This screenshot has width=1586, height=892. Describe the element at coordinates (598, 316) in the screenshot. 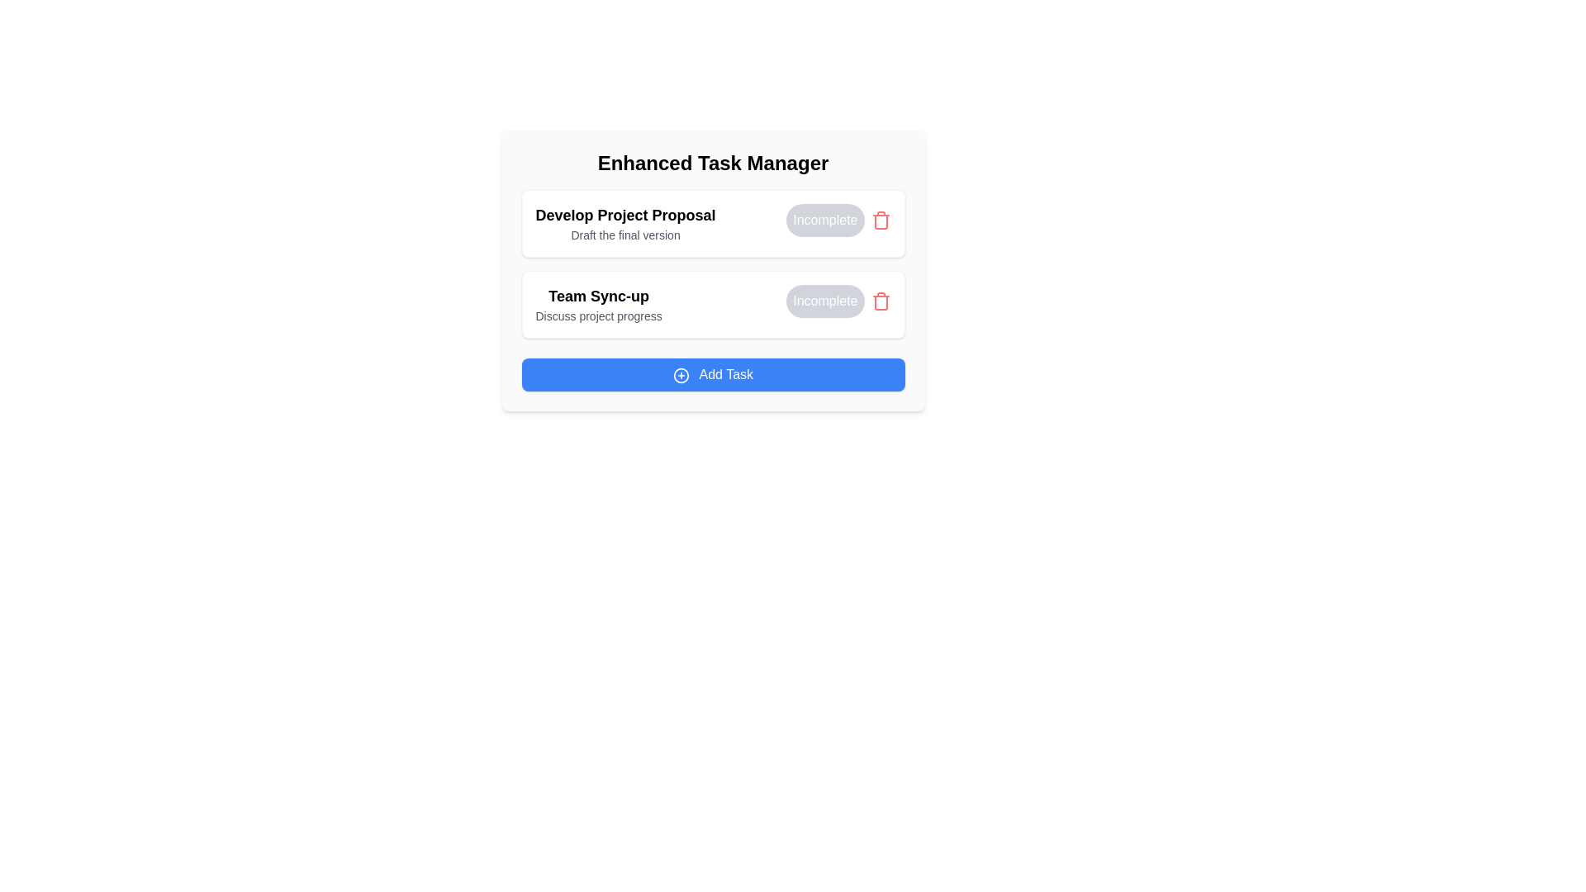

I see `the non-interactive text element providing additional information about the 'Team Sync-up' task, located below the title and centered horizontally` at that location.